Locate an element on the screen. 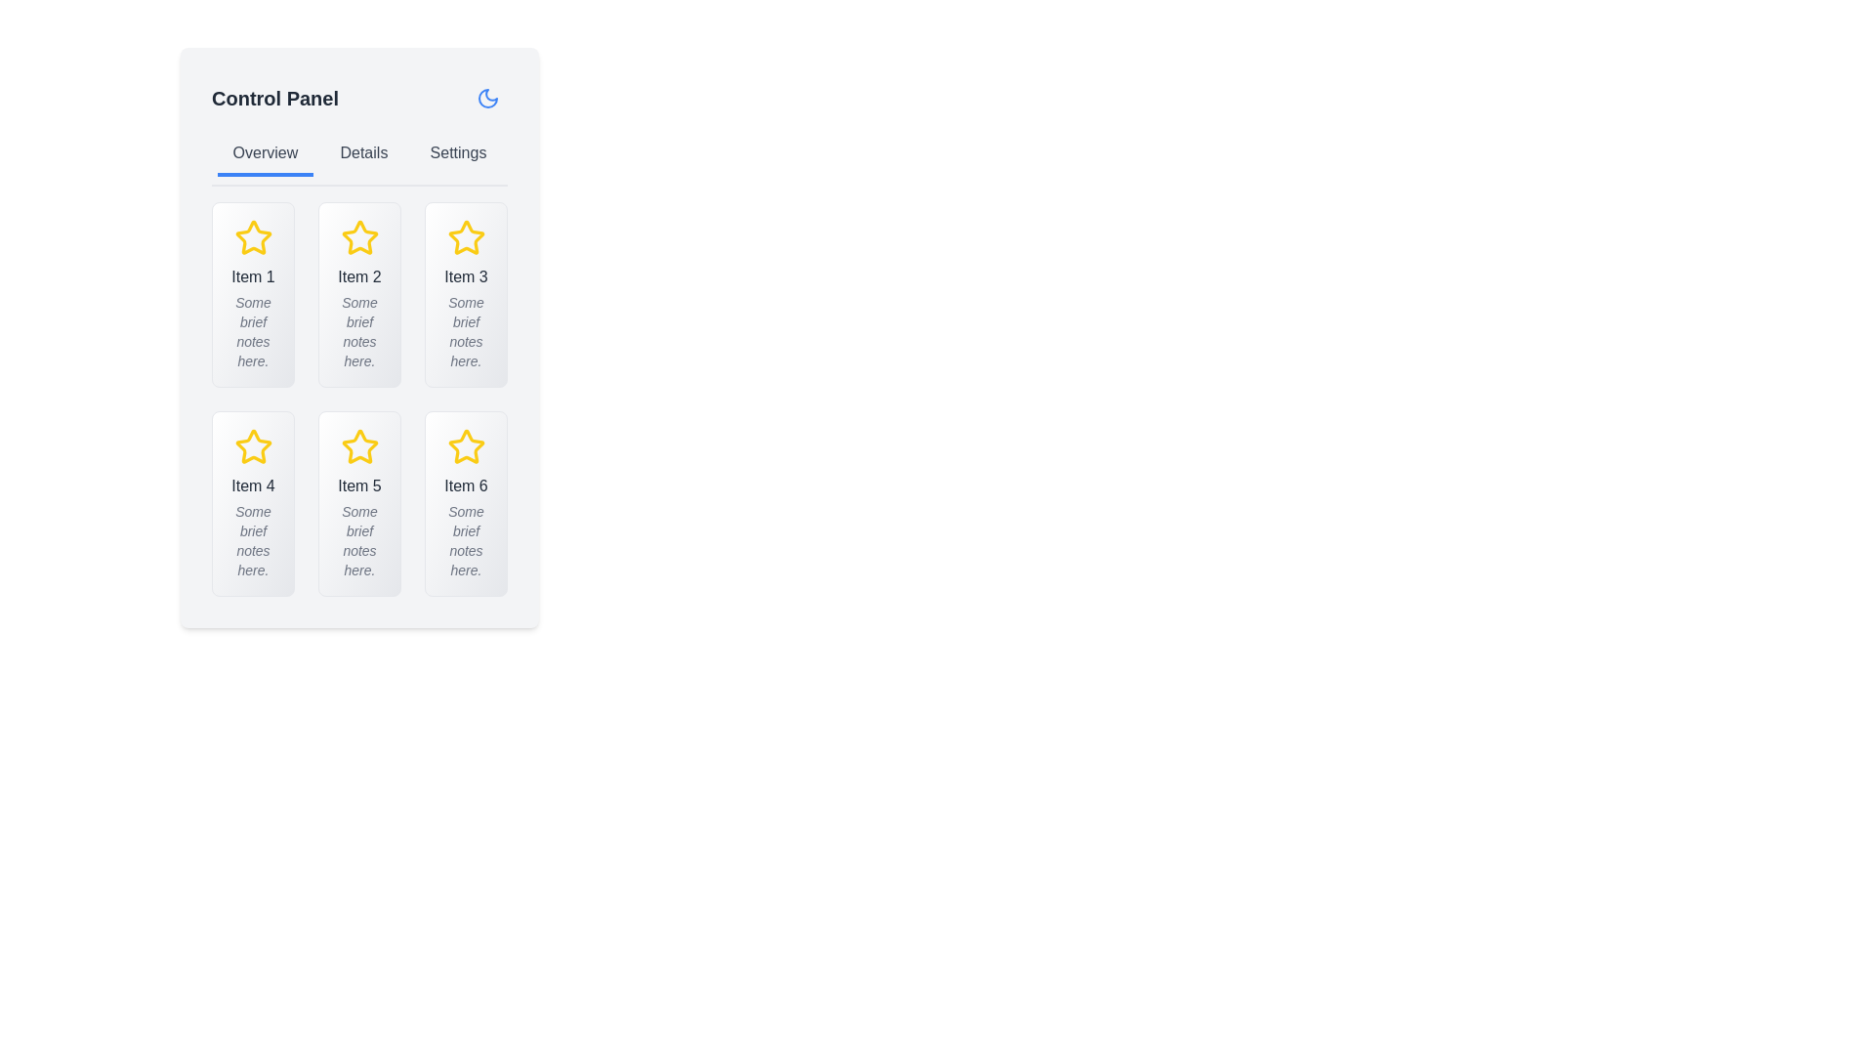  the 'Item 3' text label, which is the third item in a grid of six, displayed in dark gray with a star icon above it is located at coordinates (465, 277).